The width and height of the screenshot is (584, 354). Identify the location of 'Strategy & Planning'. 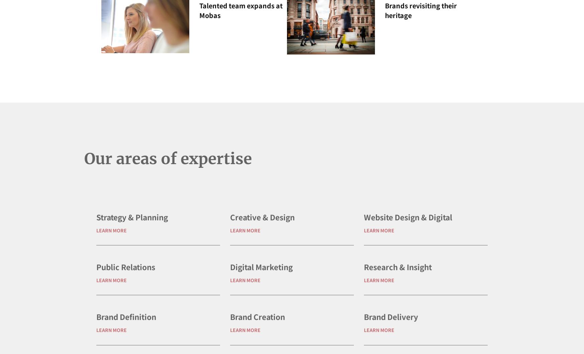
(131, 238).